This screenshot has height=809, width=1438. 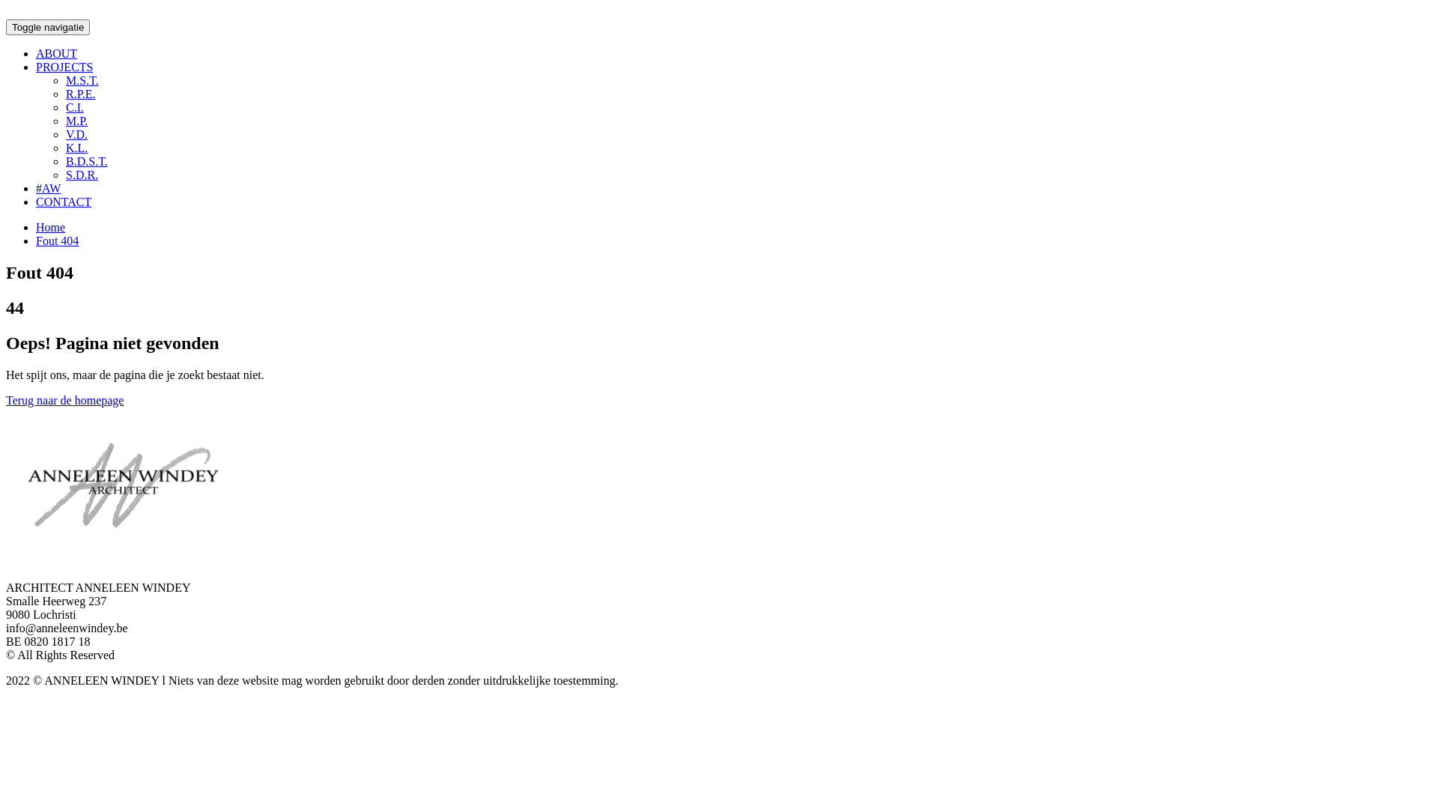 What do you see at coordinates (76, 133) in the screenshot?
I see `'V.D.'` at bounding box center [76, 133].